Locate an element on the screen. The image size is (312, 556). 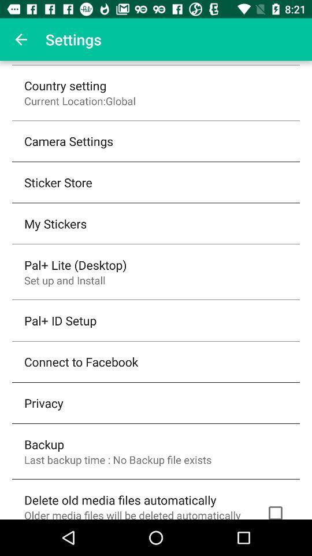
icon above pal+ id setup is located at coordinates (65, 280).